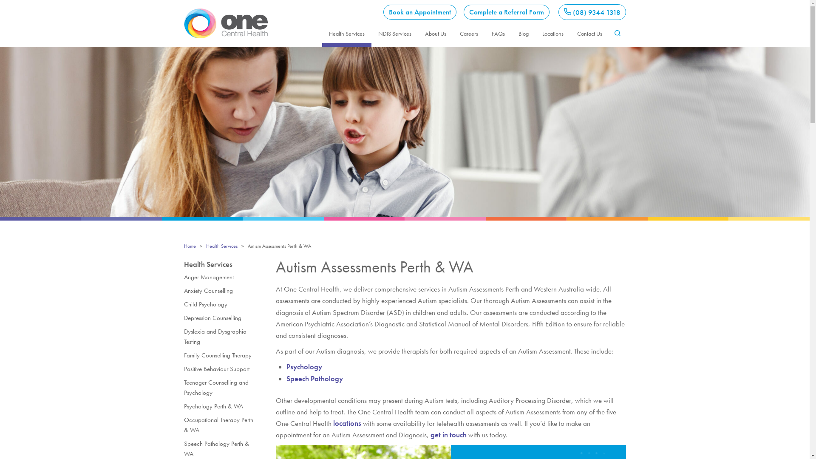  I want to click on 'Search', so click(617, 55).